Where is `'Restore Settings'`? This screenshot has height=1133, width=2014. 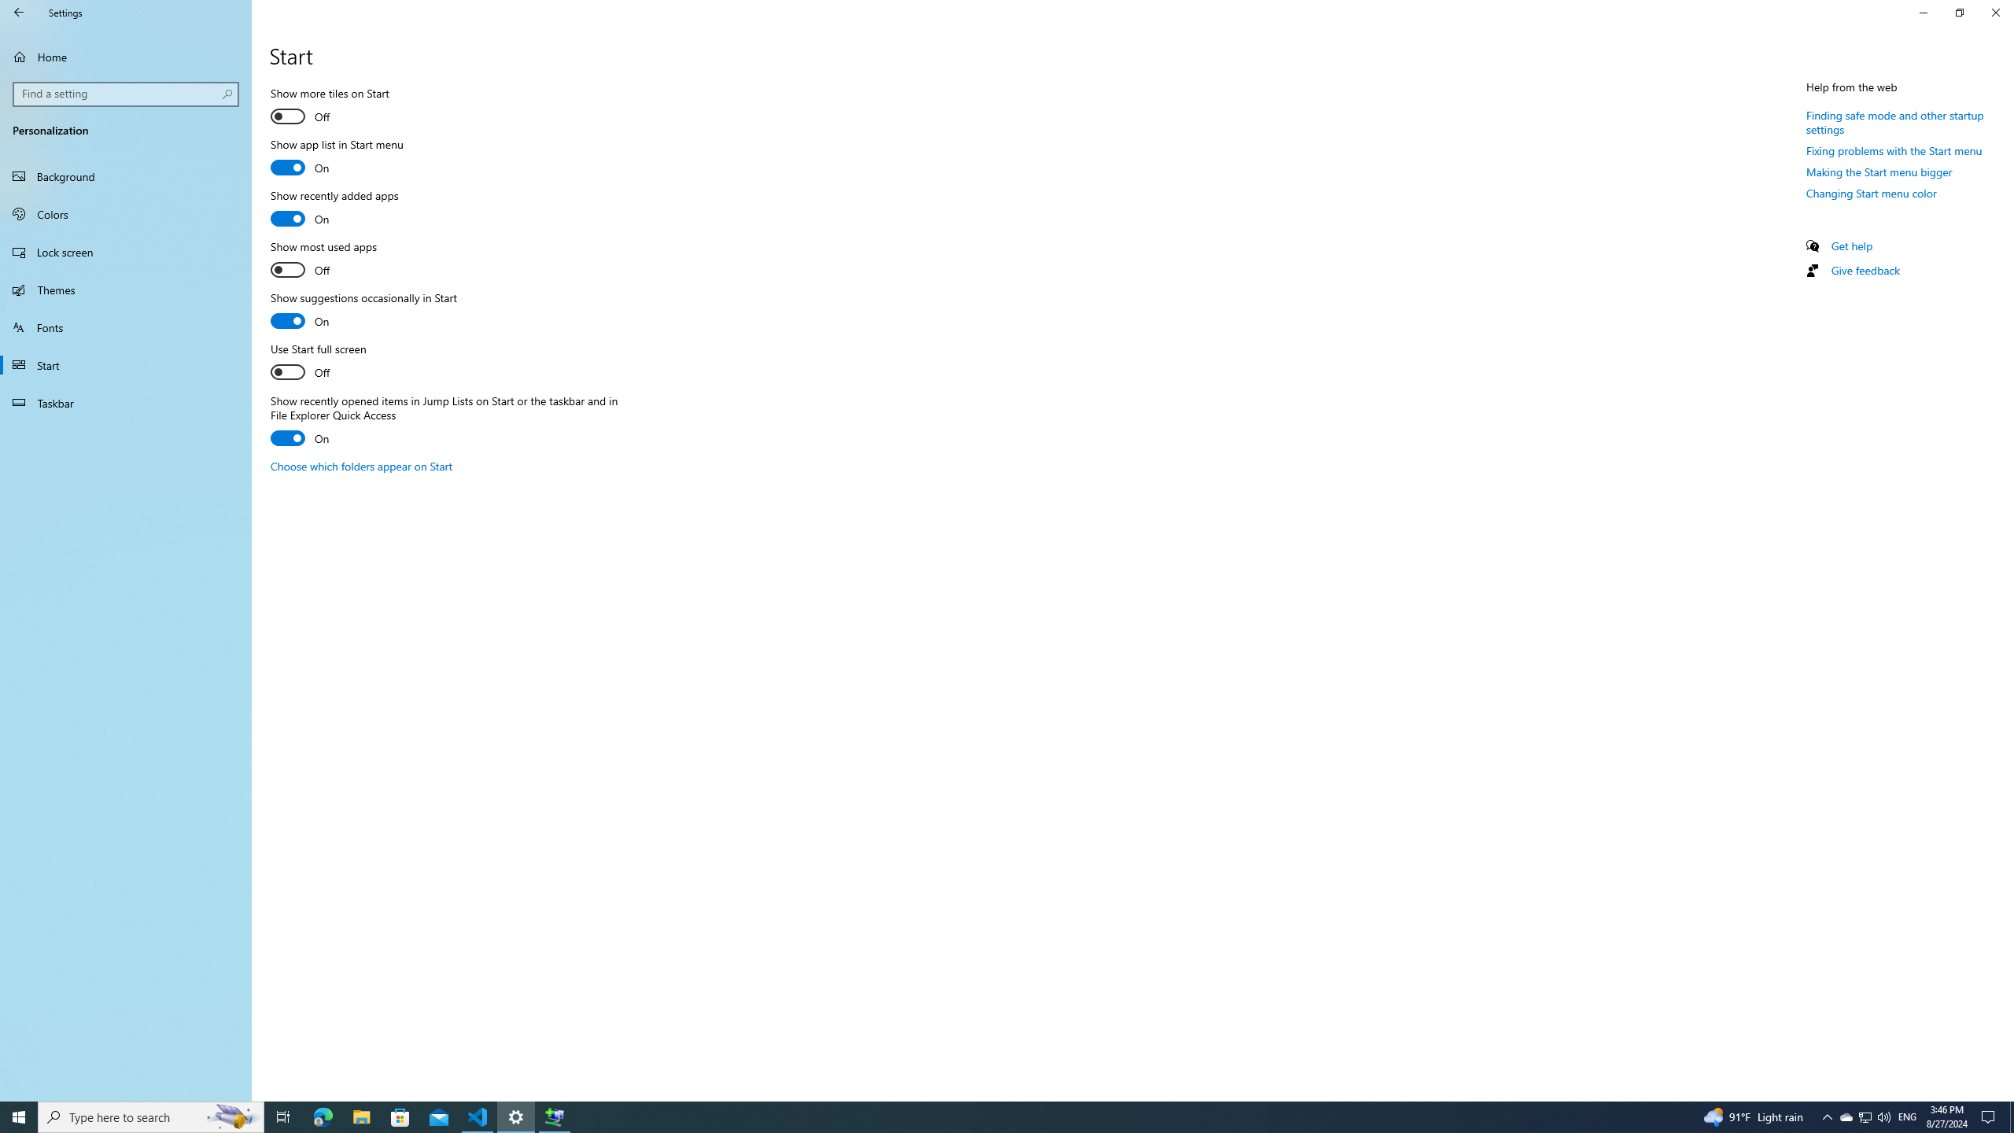
'Restore Settings' is located at coordinates (1959, 12).